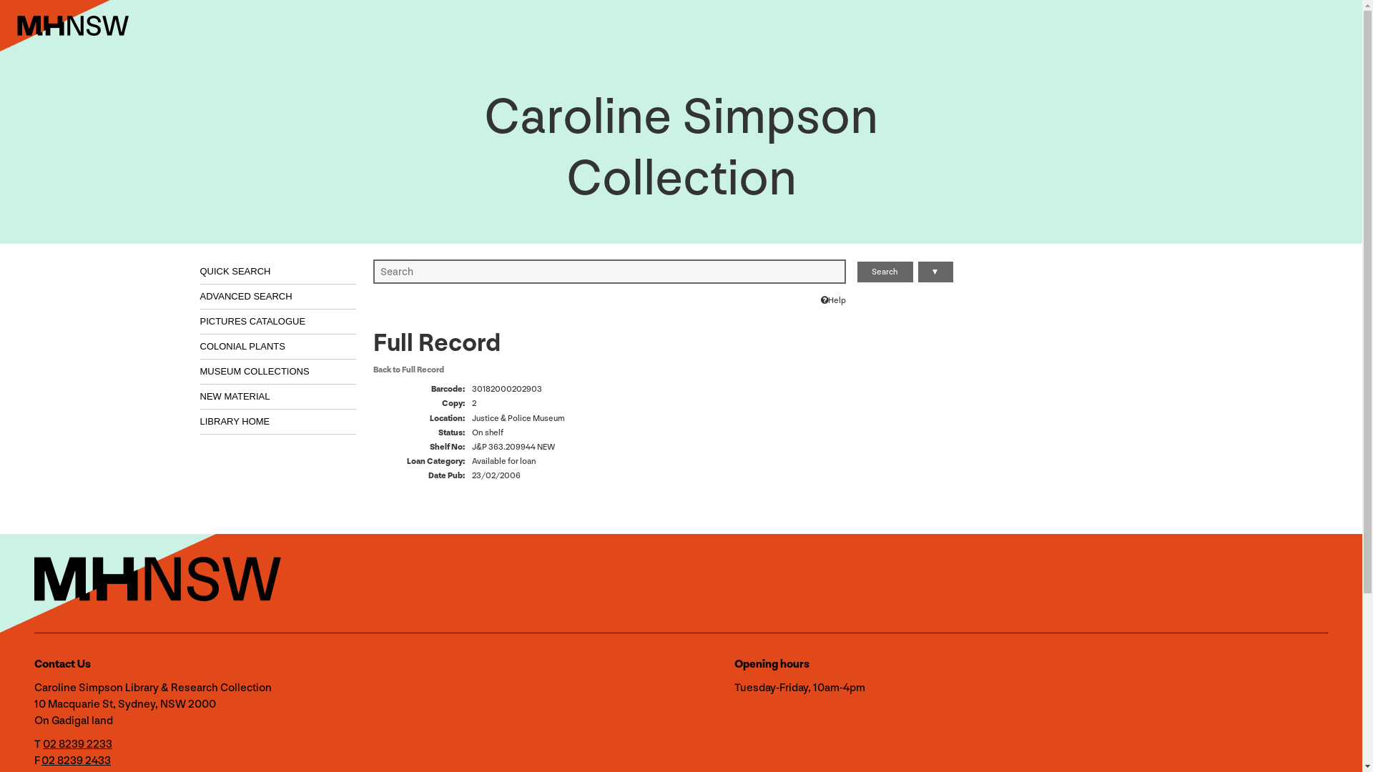 Image resolution: width=1373 pixels, height=772 pixels. I want to click on 'NEW MATERIAL', so click(199, 397).